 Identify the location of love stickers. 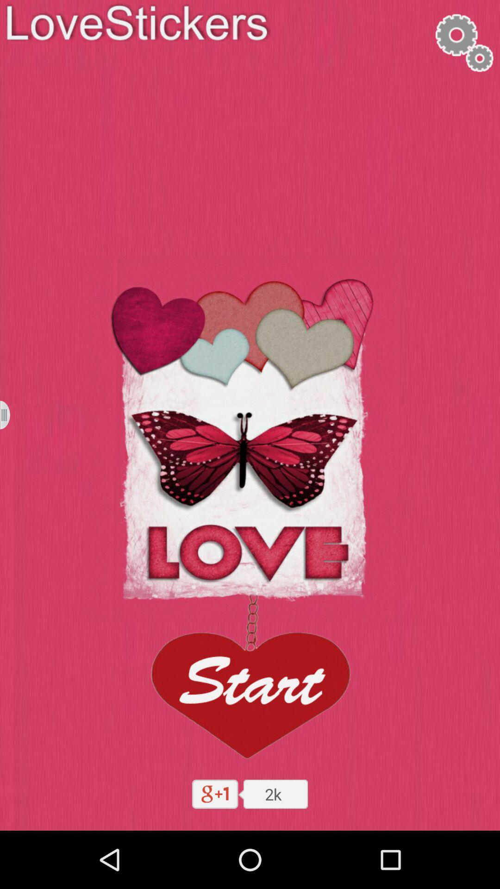
(11, 414).